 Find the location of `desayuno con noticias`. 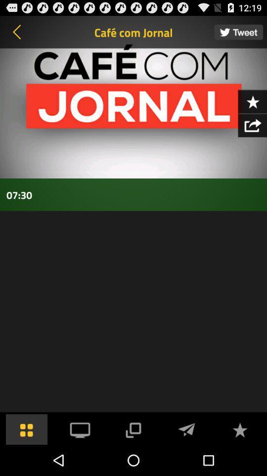

desayuno con noticias is located at coordinates (238, 32).